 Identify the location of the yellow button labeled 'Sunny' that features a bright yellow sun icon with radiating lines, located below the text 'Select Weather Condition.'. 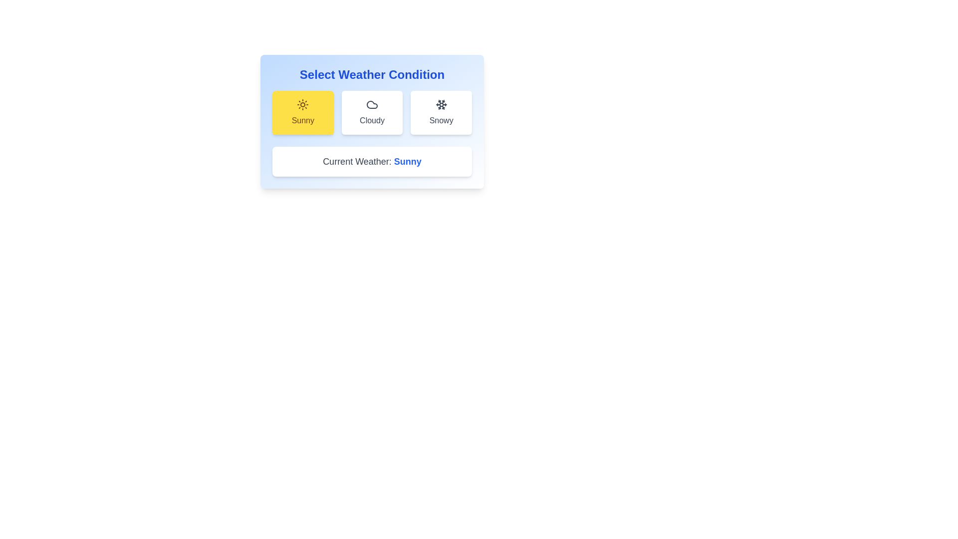
(302, 104).